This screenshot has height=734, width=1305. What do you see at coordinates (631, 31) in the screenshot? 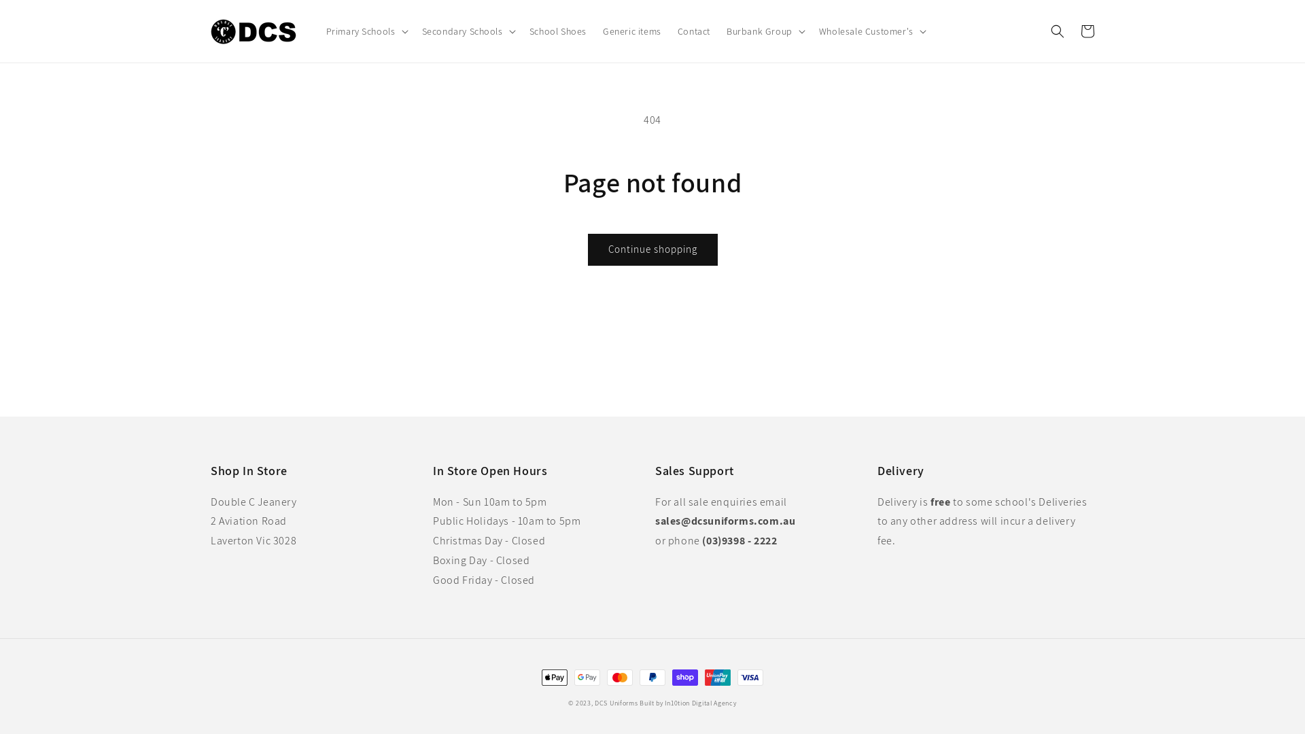
I see `'Generic items'` at bounding box center [631, 31].